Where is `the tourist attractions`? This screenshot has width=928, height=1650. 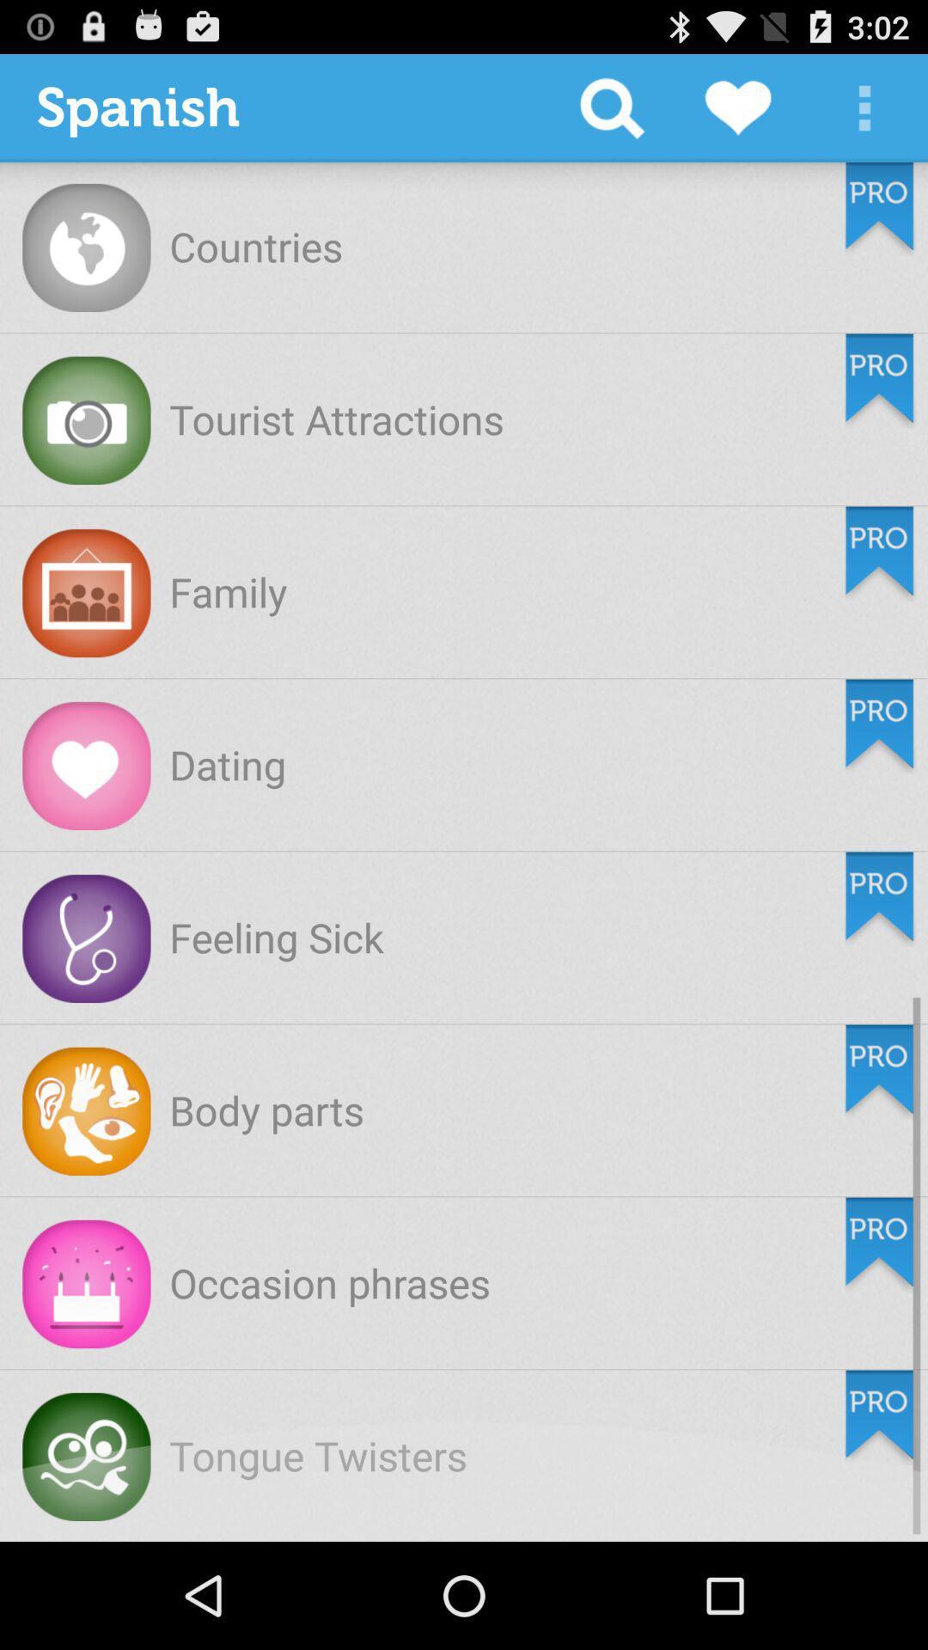 the tourist attractions is located at coordinates (336, 419).